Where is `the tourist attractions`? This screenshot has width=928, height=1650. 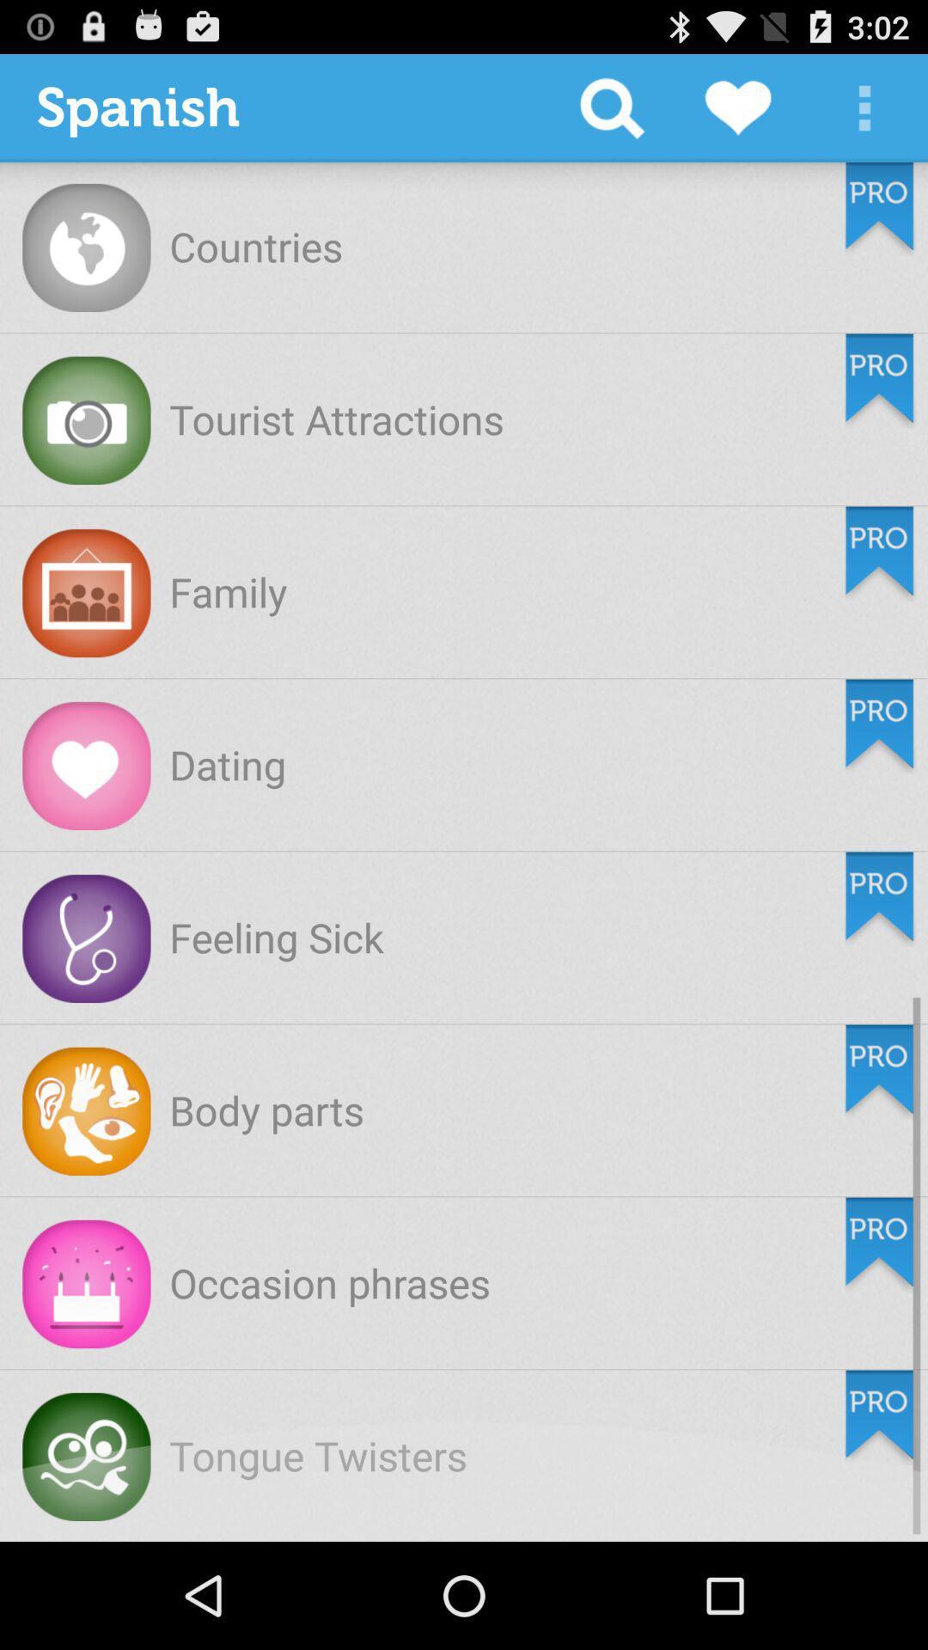 the tourist attractions is located at coordinates (336, 419).